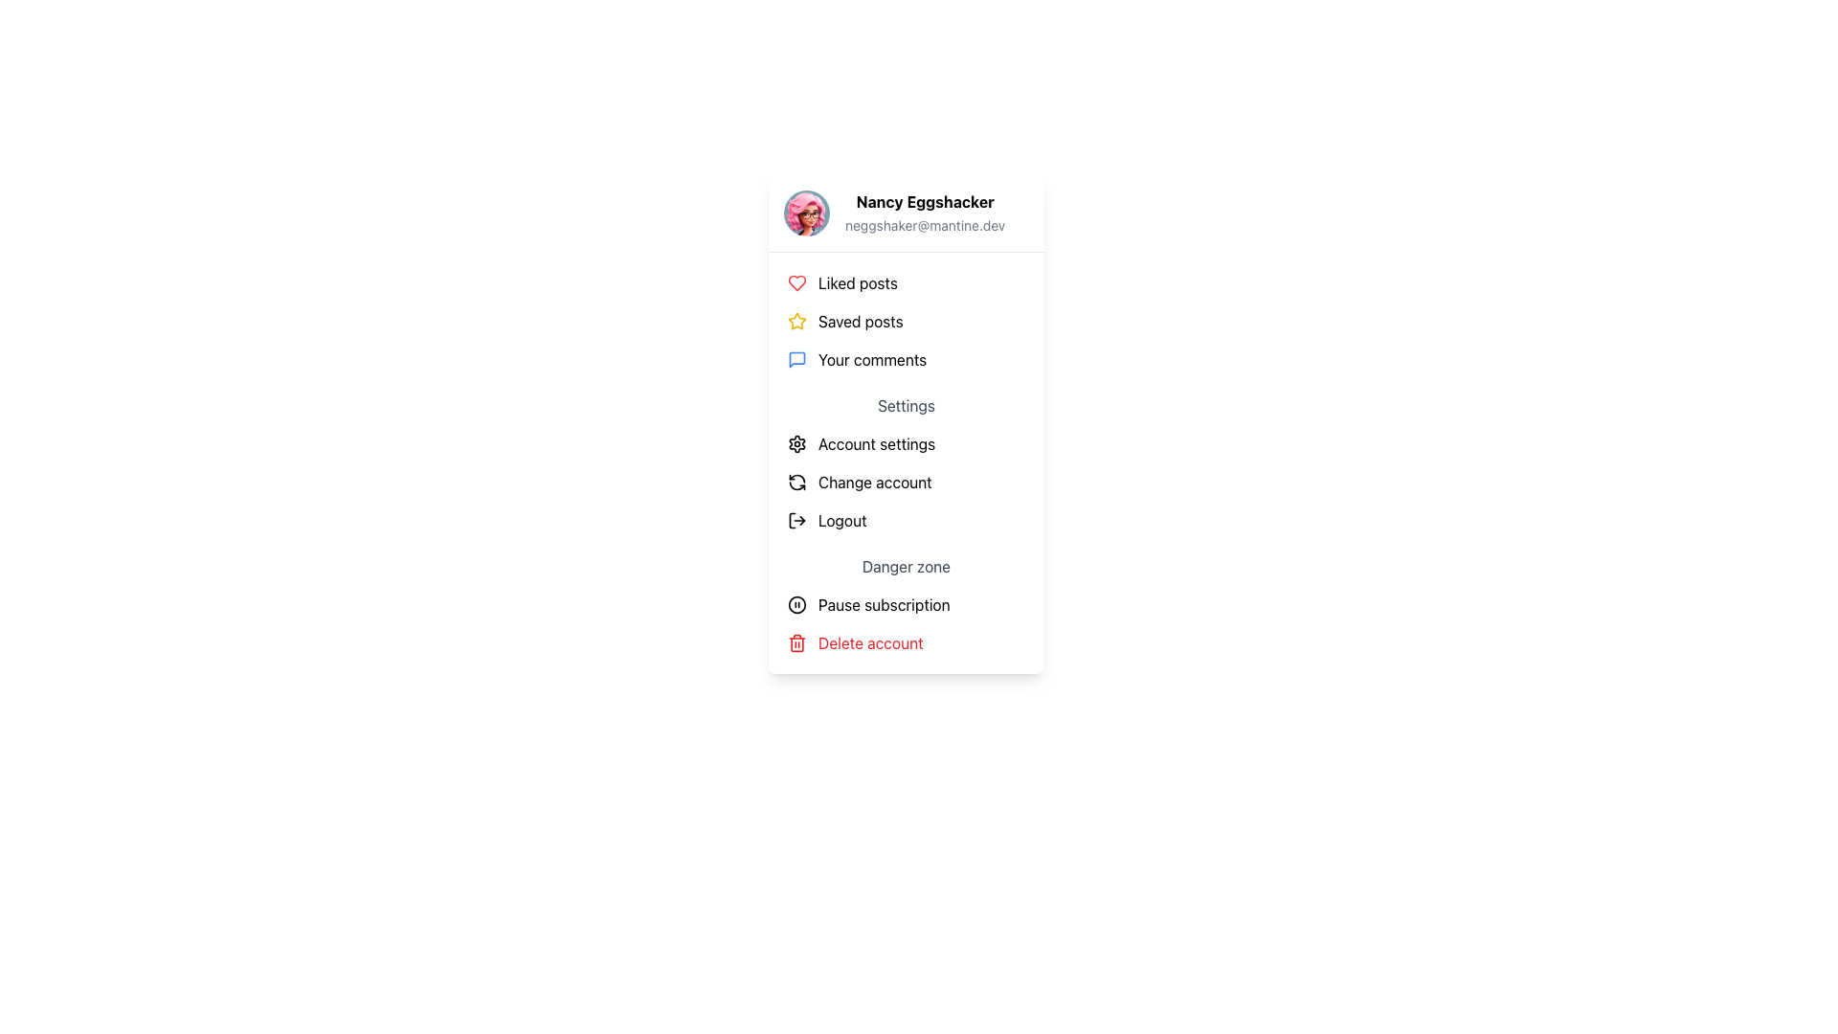 The height and width of the screenshot is (1034, 1838). Describe the element at coordinates (925, 214) in the screenshot. I see `information displayed in the text display that shows the user's name and email address located in the top section of the vertical user menu next to the circular avatar image` at that location.